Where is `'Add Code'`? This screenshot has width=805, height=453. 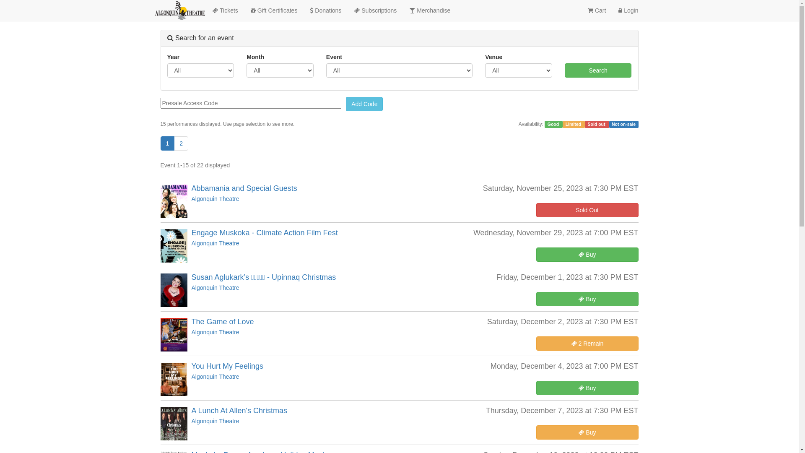
'Add Code' is located at coordinates (364, 103).